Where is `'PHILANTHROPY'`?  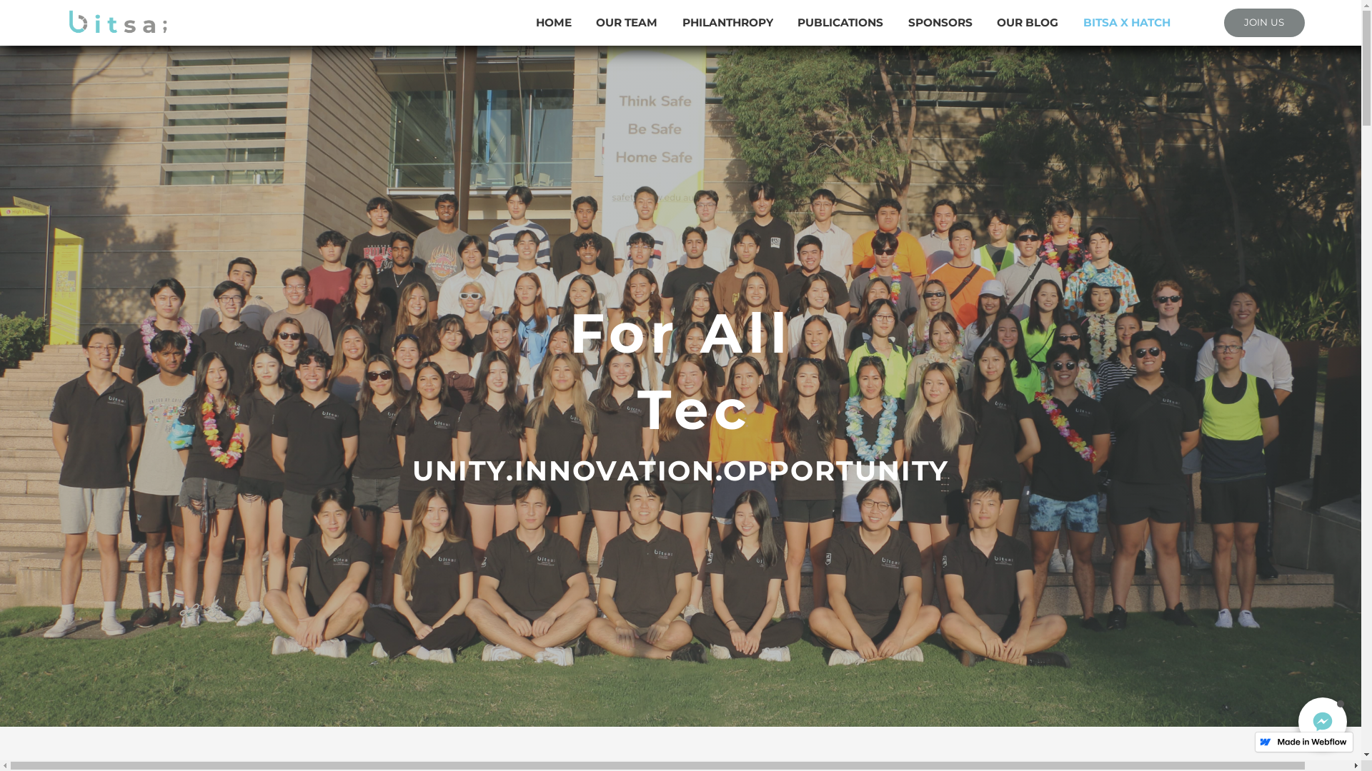 'PHILANTHROPY' is located at coordinates (727, 22).